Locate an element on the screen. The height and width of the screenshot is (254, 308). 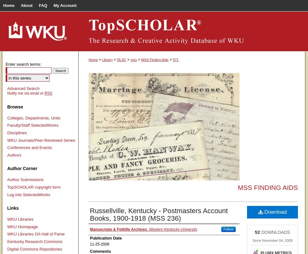
'Colleges, Departments, Units' is located at coordinates (34, 117).